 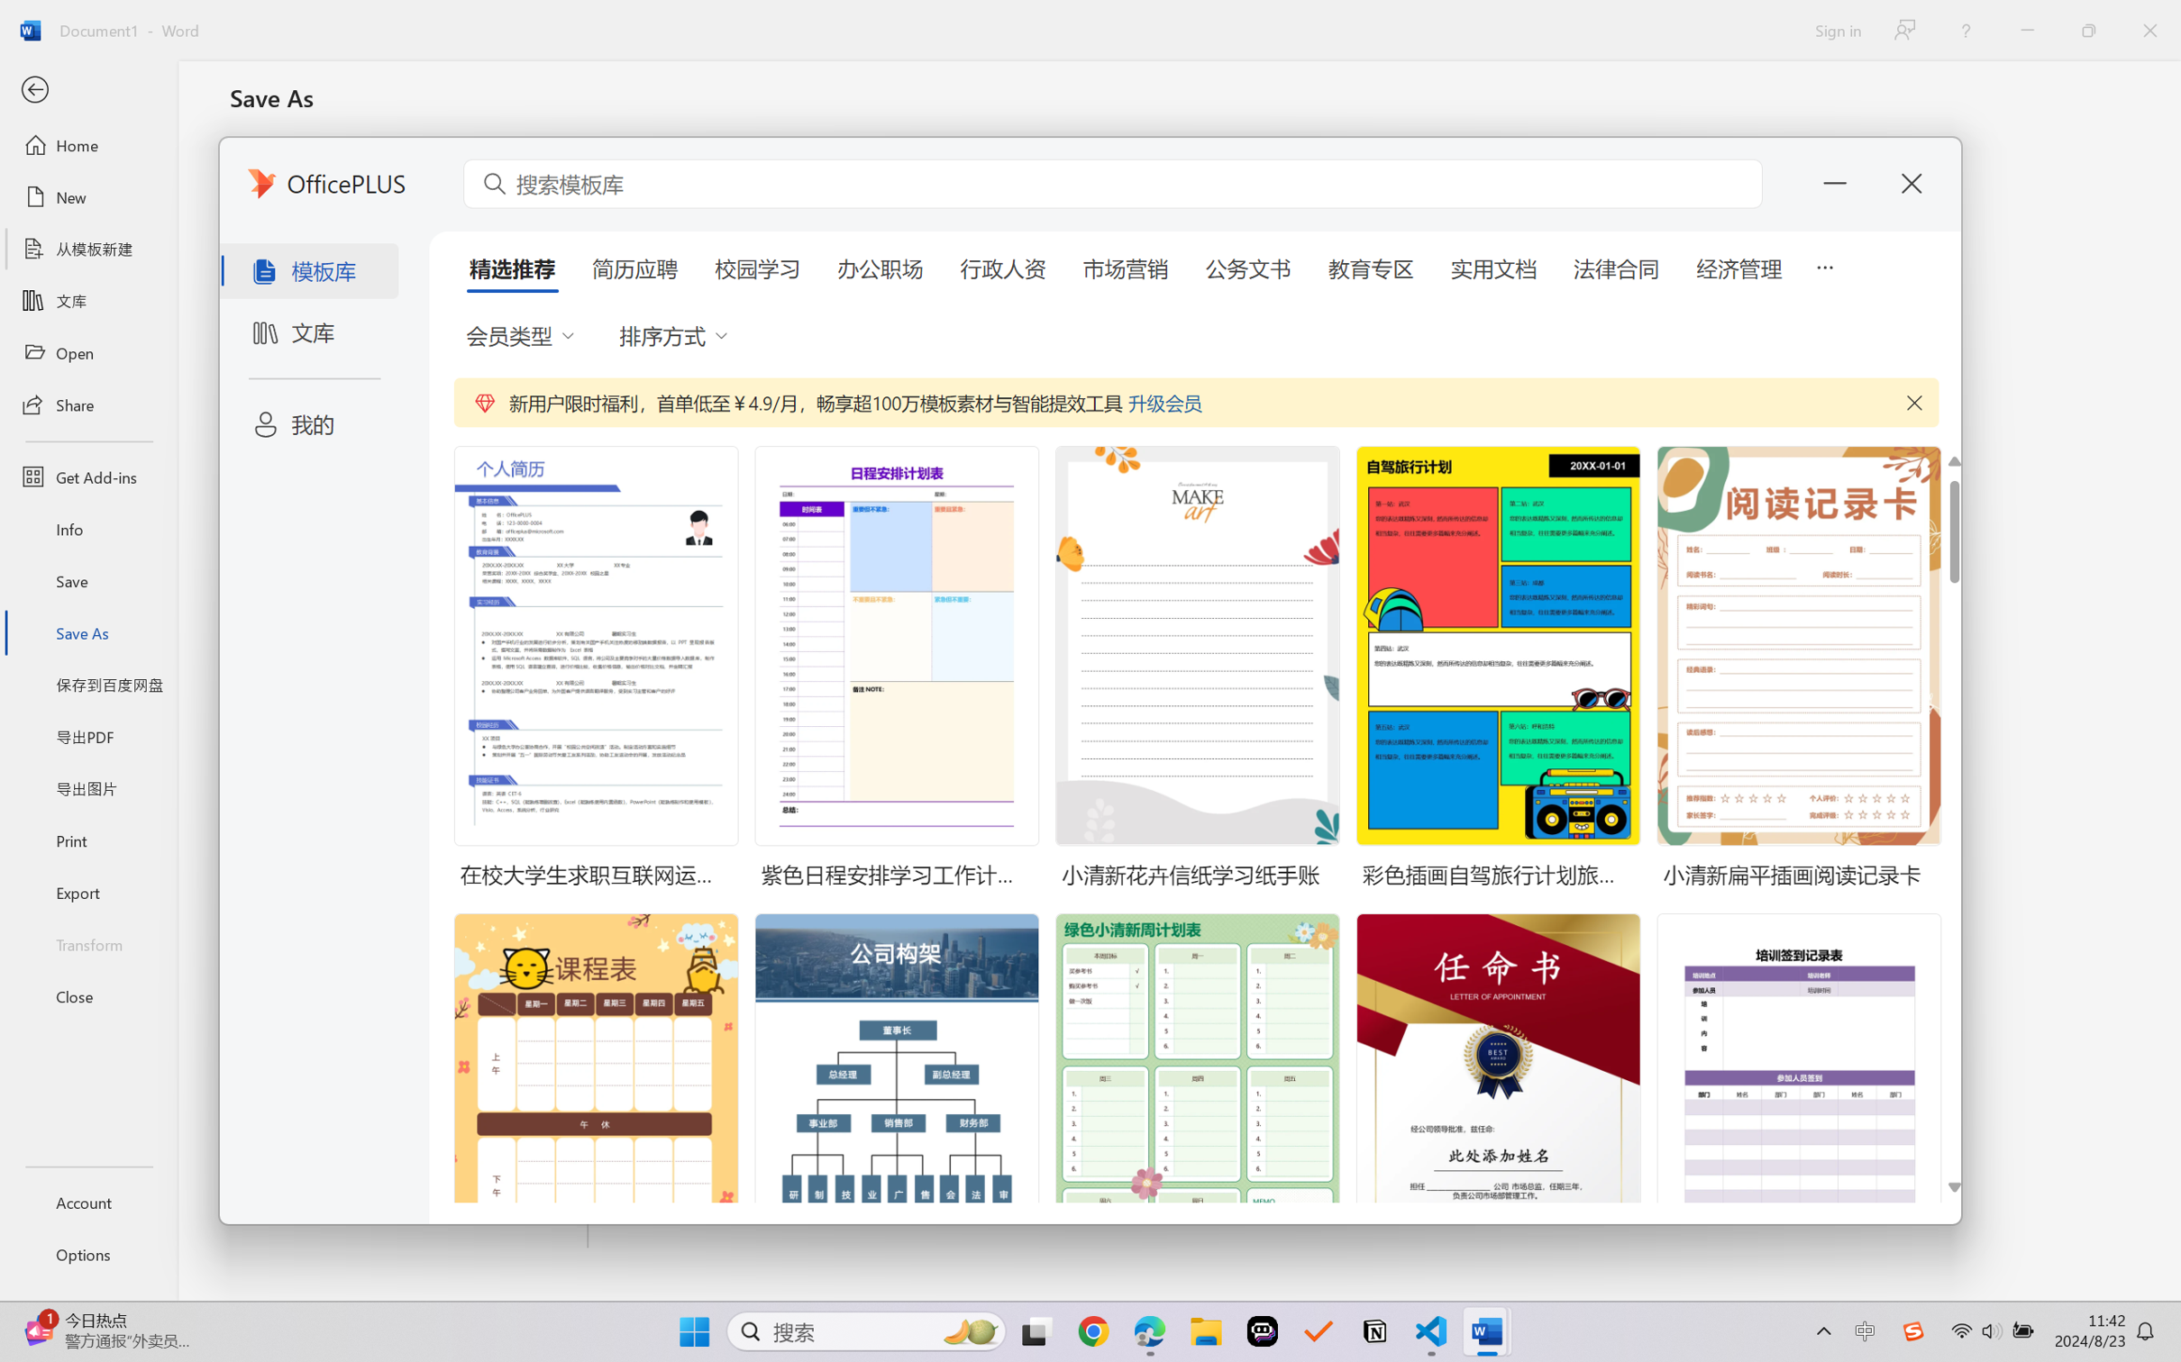 What do you see at coordinates (87, 891) in the screenshot?
I see `'Export'` at bounding box center [87, 891].